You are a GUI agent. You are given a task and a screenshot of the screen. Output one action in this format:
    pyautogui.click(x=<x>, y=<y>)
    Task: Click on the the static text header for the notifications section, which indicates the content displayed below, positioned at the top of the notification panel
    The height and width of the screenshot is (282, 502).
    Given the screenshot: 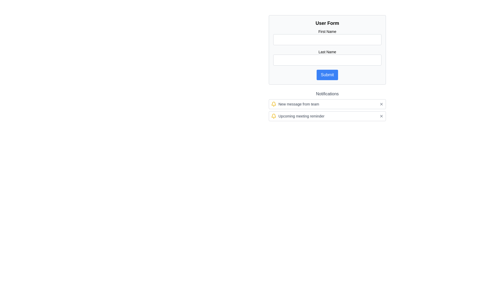 What is the action you would take?
    pyautogui.click(x=327, y=93)
    